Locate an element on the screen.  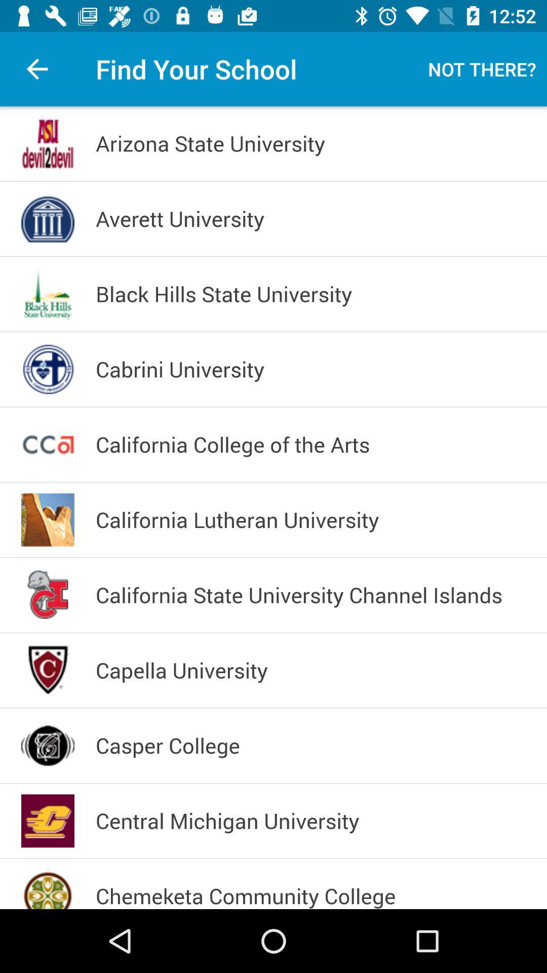
item next to the find your school app is located at coordinates (482, 68).